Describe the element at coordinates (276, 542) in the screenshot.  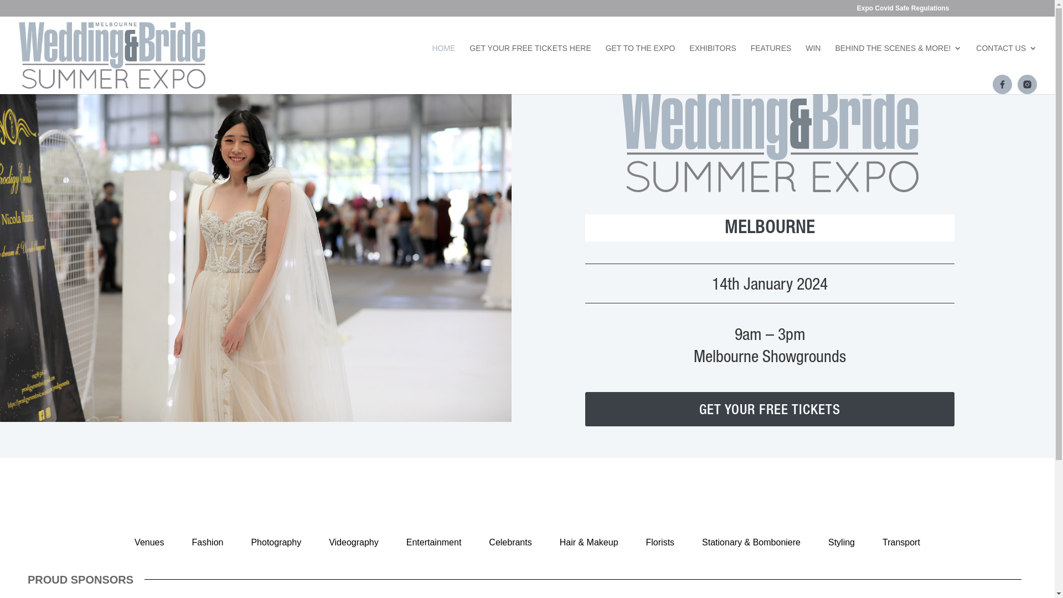
I see `'Photography'` at that location.